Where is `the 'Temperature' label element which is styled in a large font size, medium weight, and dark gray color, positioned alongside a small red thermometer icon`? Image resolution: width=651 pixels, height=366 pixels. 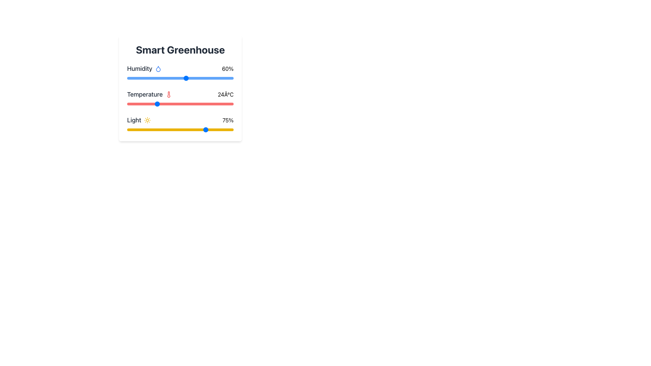 the 'Temperature' label element which is styled in a large font size, medium weight, and dark gray color, positioned alongside a small red thermometer icon is located at coordinates (149, 94).